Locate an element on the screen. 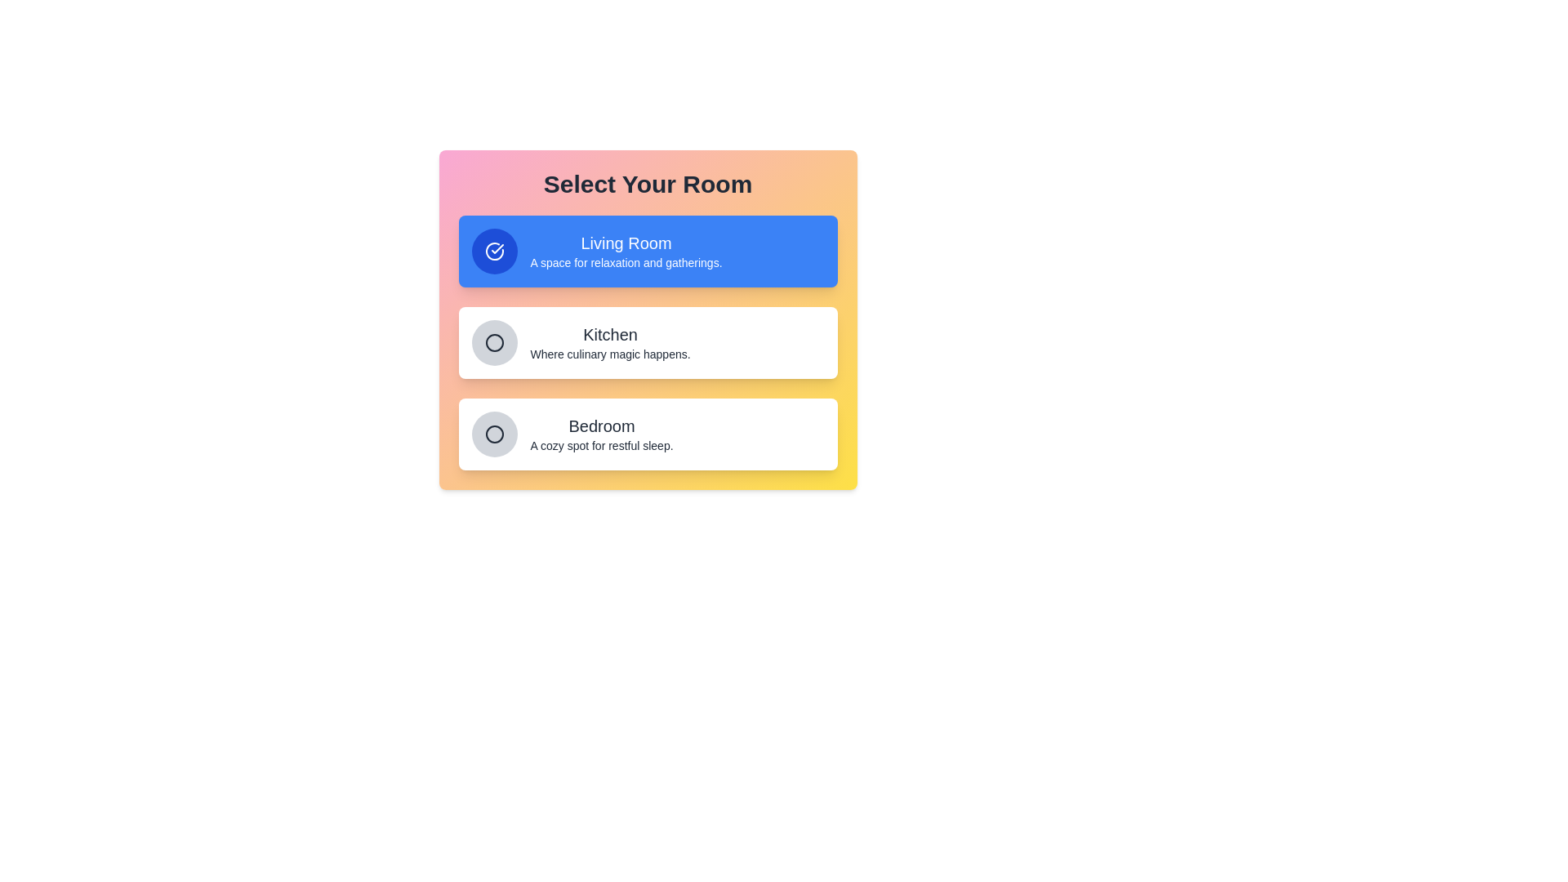 This screenshot has height=882, width=1568. the 'Kitchen' text label, which is displayed in a bold and large font style, positioned between 'Living Room' and 'Bedroom' sections is located at coordinates (609, 333).